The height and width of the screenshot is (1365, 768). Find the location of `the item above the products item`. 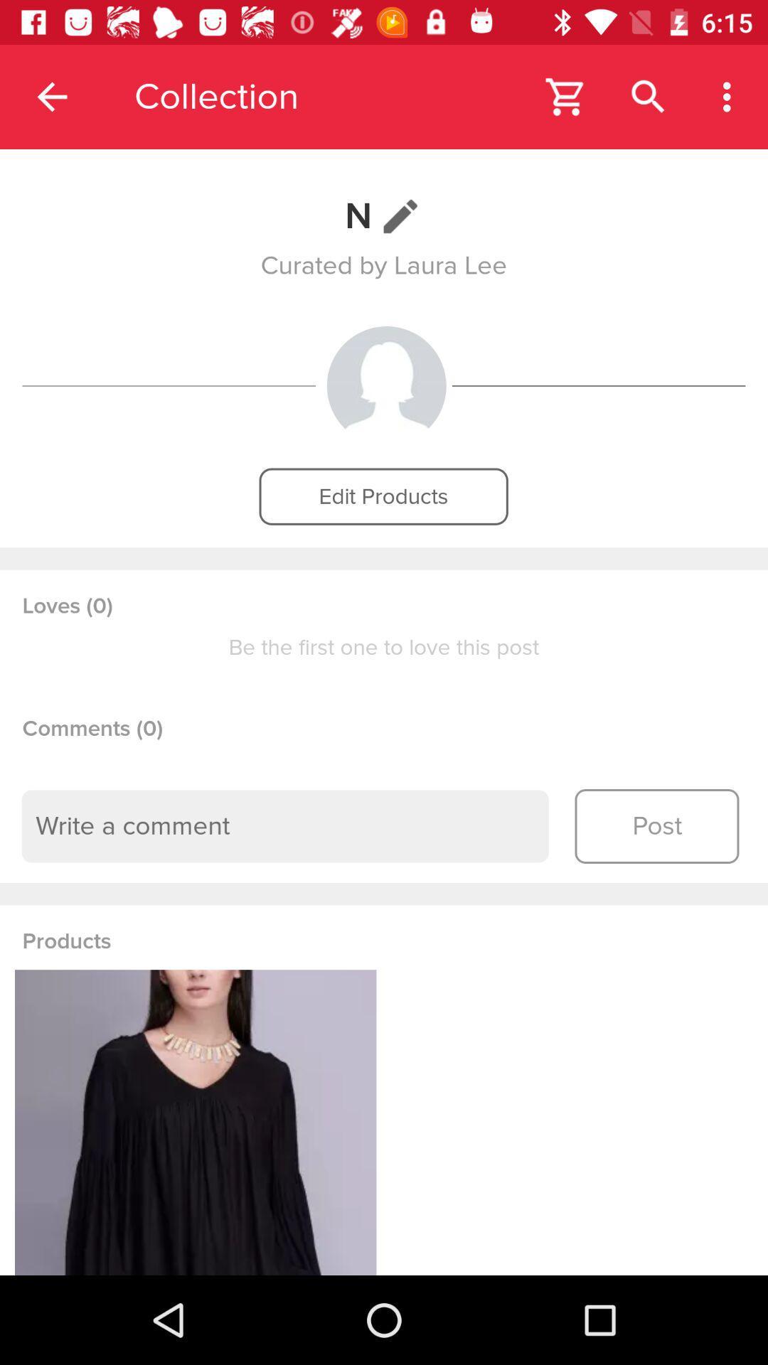

the item above the products item is located at coordinates (285, 826).